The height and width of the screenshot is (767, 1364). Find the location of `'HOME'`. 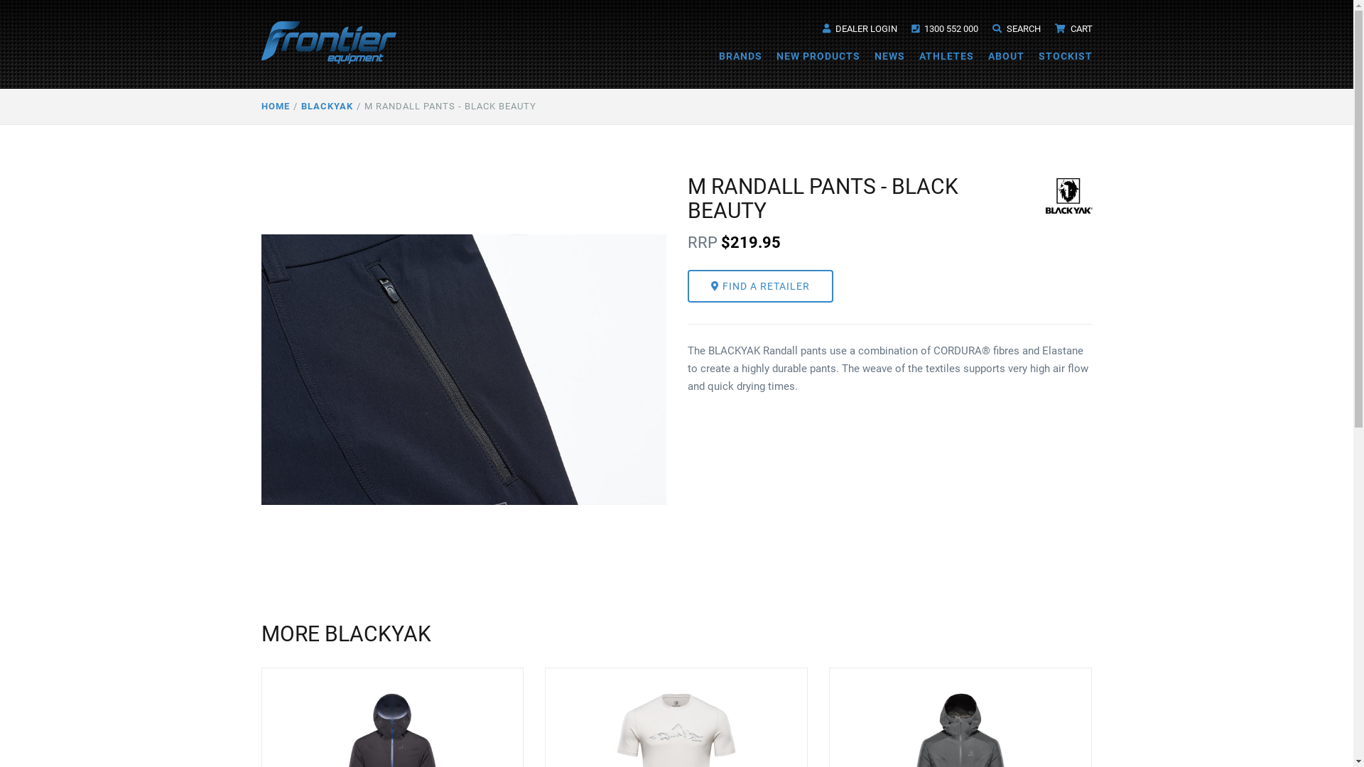

'HOME' is located at coordinates (276, 106).